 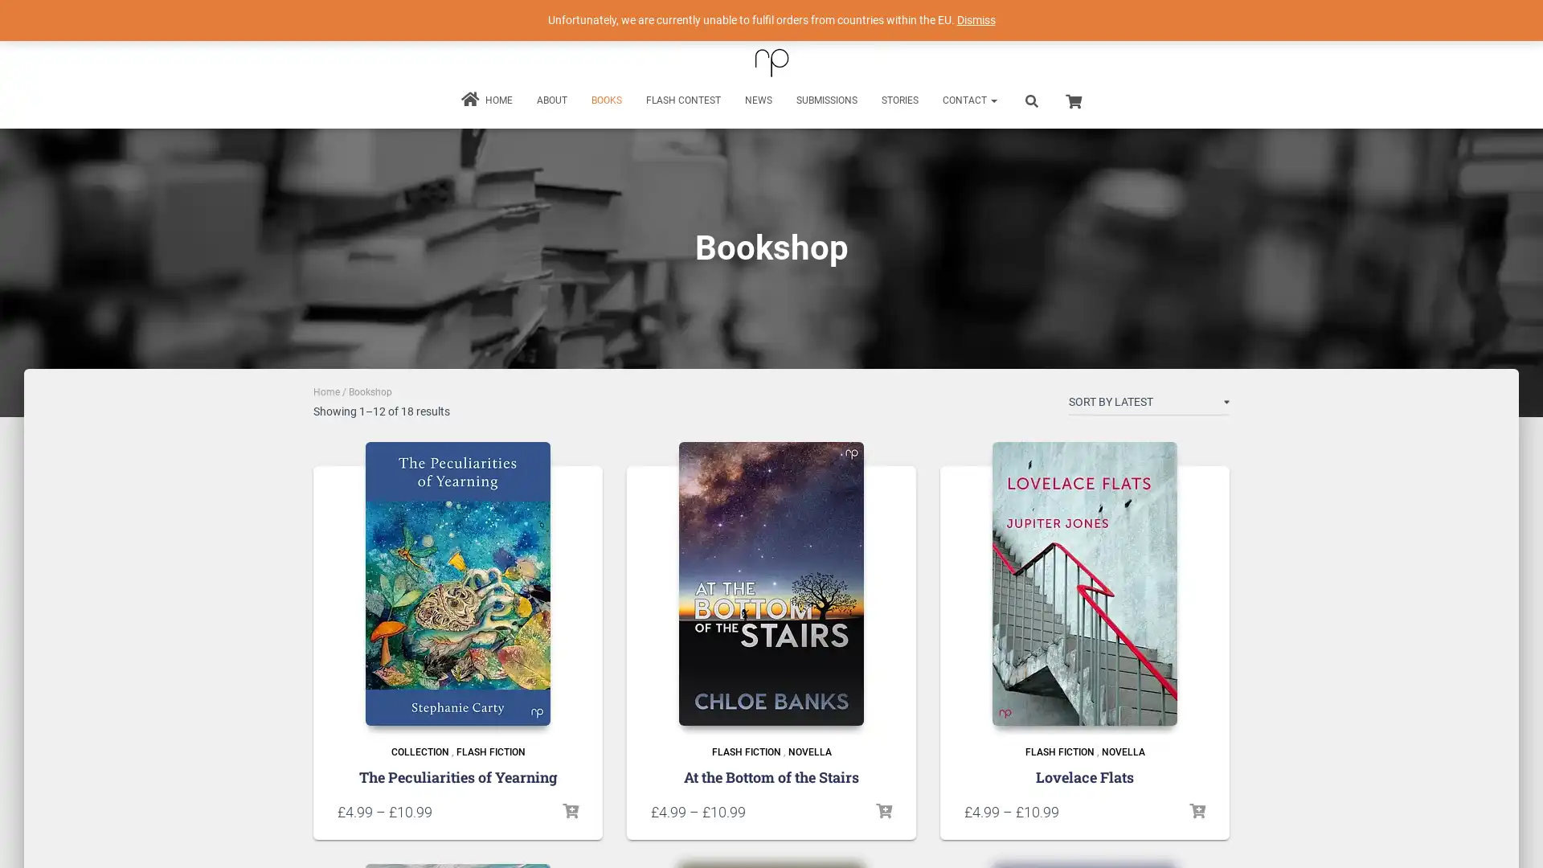 What do you see at coordinates (1008, 842) in the screenshot?
I see `Accept` at bounding box center [1008, 842].